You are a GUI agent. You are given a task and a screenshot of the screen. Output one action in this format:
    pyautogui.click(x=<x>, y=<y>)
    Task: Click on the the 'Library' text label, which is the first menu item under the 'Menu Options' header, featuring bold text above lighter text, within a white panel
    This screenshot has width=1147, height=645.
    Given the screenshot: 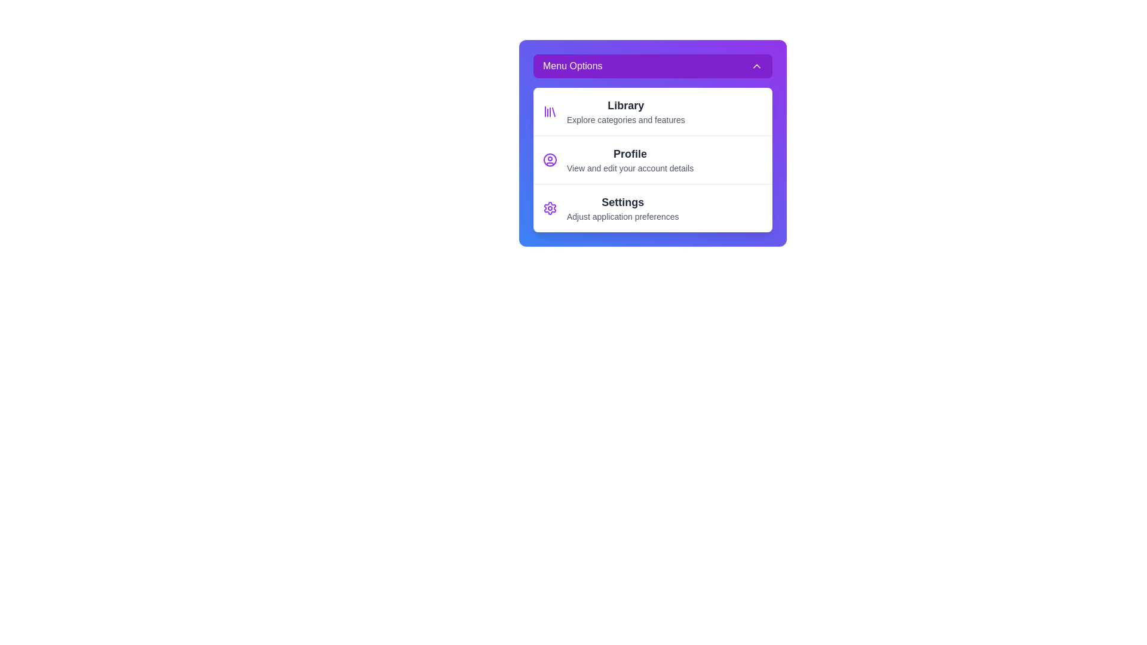 What is the action you would take?
    pyautogui.click(x=625, y=111)
    